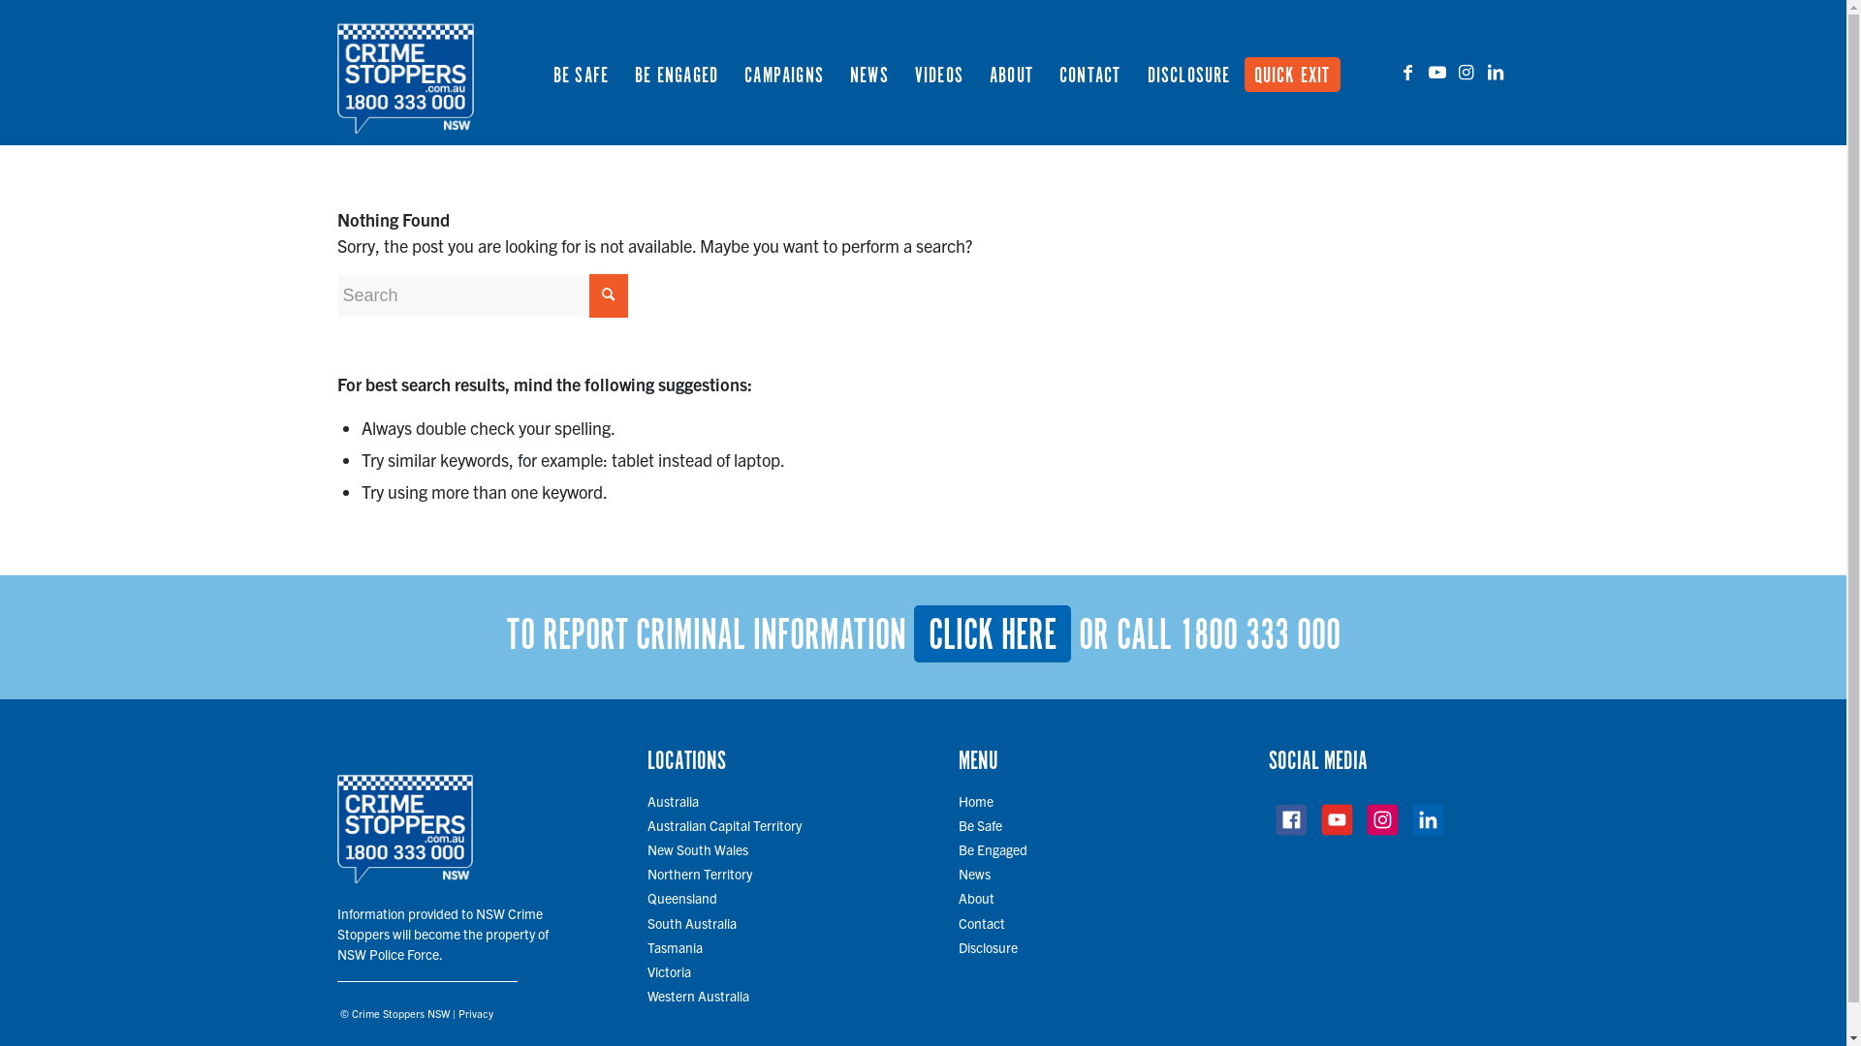 This screenshot has height=1046, width=1861. What do you see at coordinates (580, 71) in the screenshot?
I see `'BE SAFE'` at bounding box center [580, 71].